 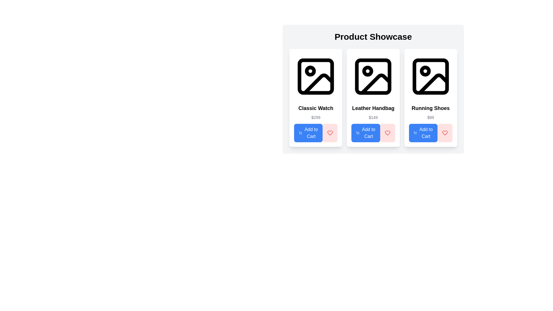 What do you see at coordinates (367, 71) in the screenshot?
I see `the decorative SVG icon located in the upper left area of the image placeholder for the 'Leather Handbag' product card` at bounding box center [367, 71].